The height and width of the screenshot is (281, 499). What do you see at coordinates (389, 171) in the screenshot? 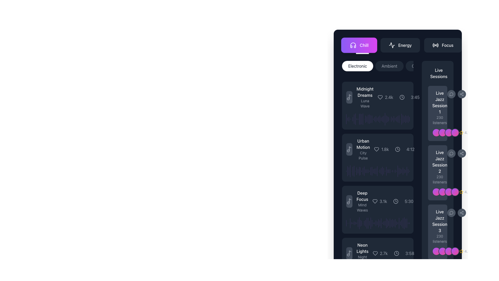
I see `the 33rd vertical bar in the visual indicator sequence located in the right section of the interface` at bounding box center [389, 171].